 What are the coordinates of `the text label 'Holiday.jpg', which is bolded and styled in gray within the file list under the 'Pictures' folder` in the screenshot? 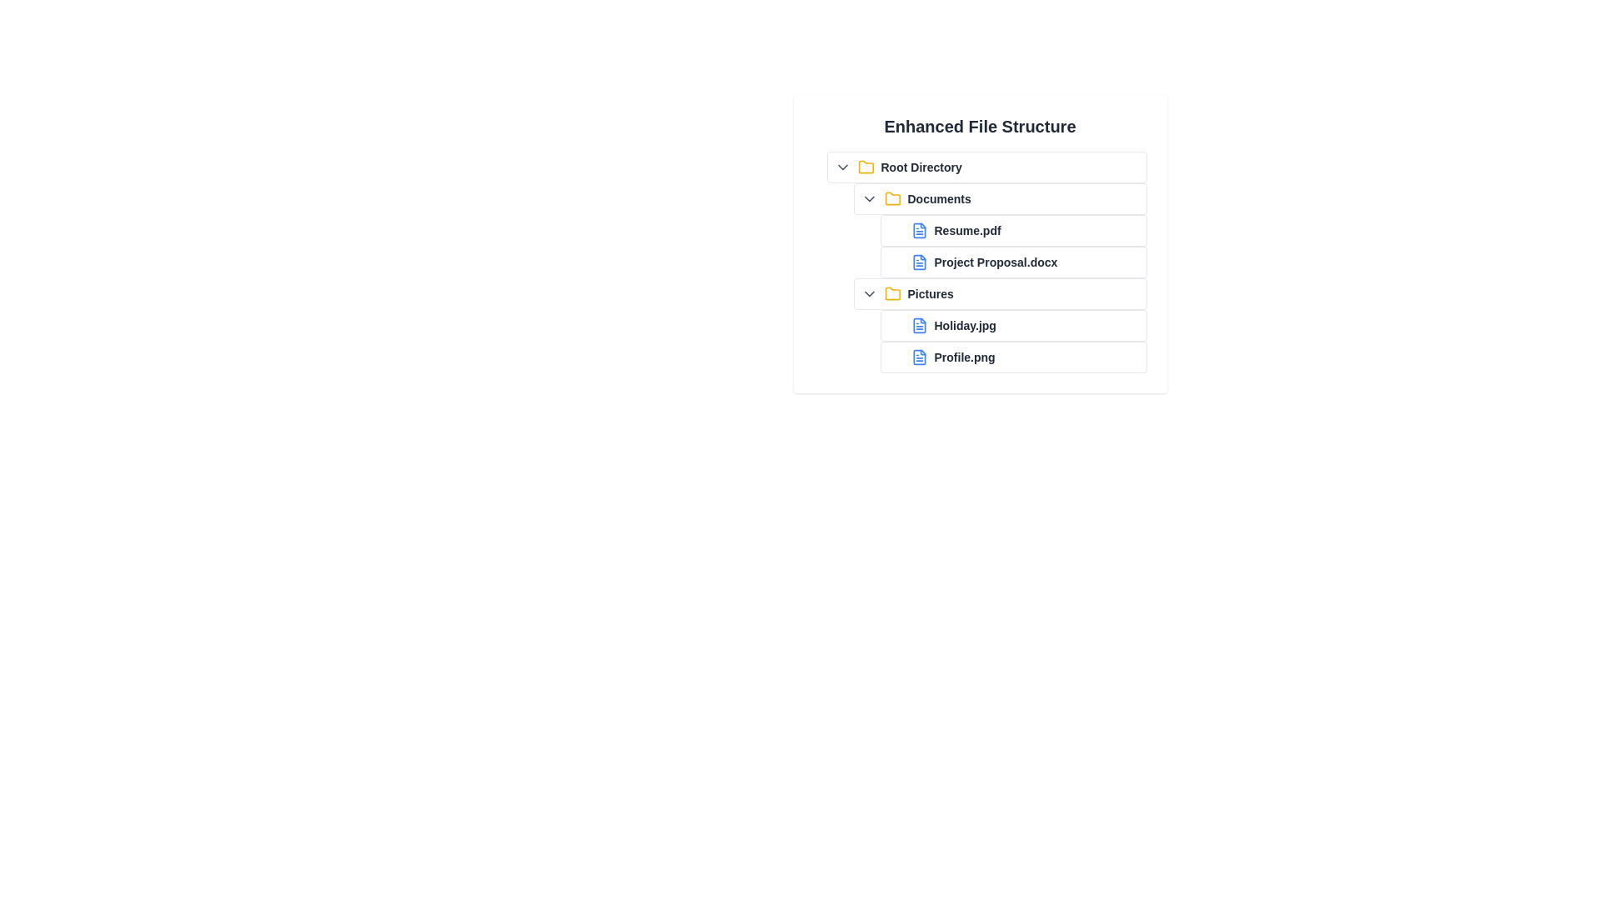 It's located at (965, 325).